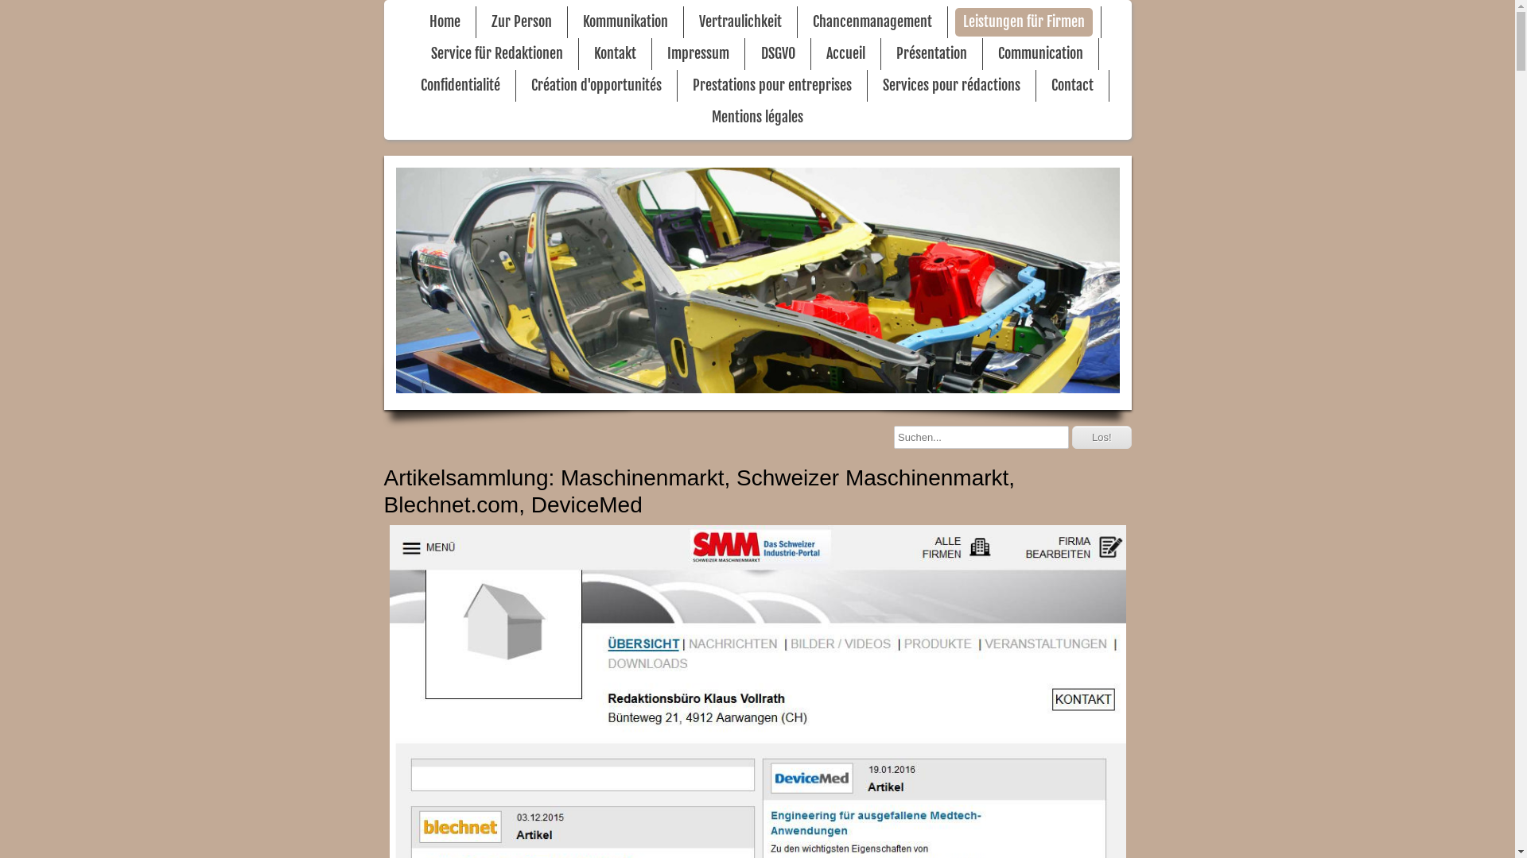 Image resolution: width=1527 pixels, height=858 pixels. I want to click on 'Chancenmanagement', so click(872, 21).